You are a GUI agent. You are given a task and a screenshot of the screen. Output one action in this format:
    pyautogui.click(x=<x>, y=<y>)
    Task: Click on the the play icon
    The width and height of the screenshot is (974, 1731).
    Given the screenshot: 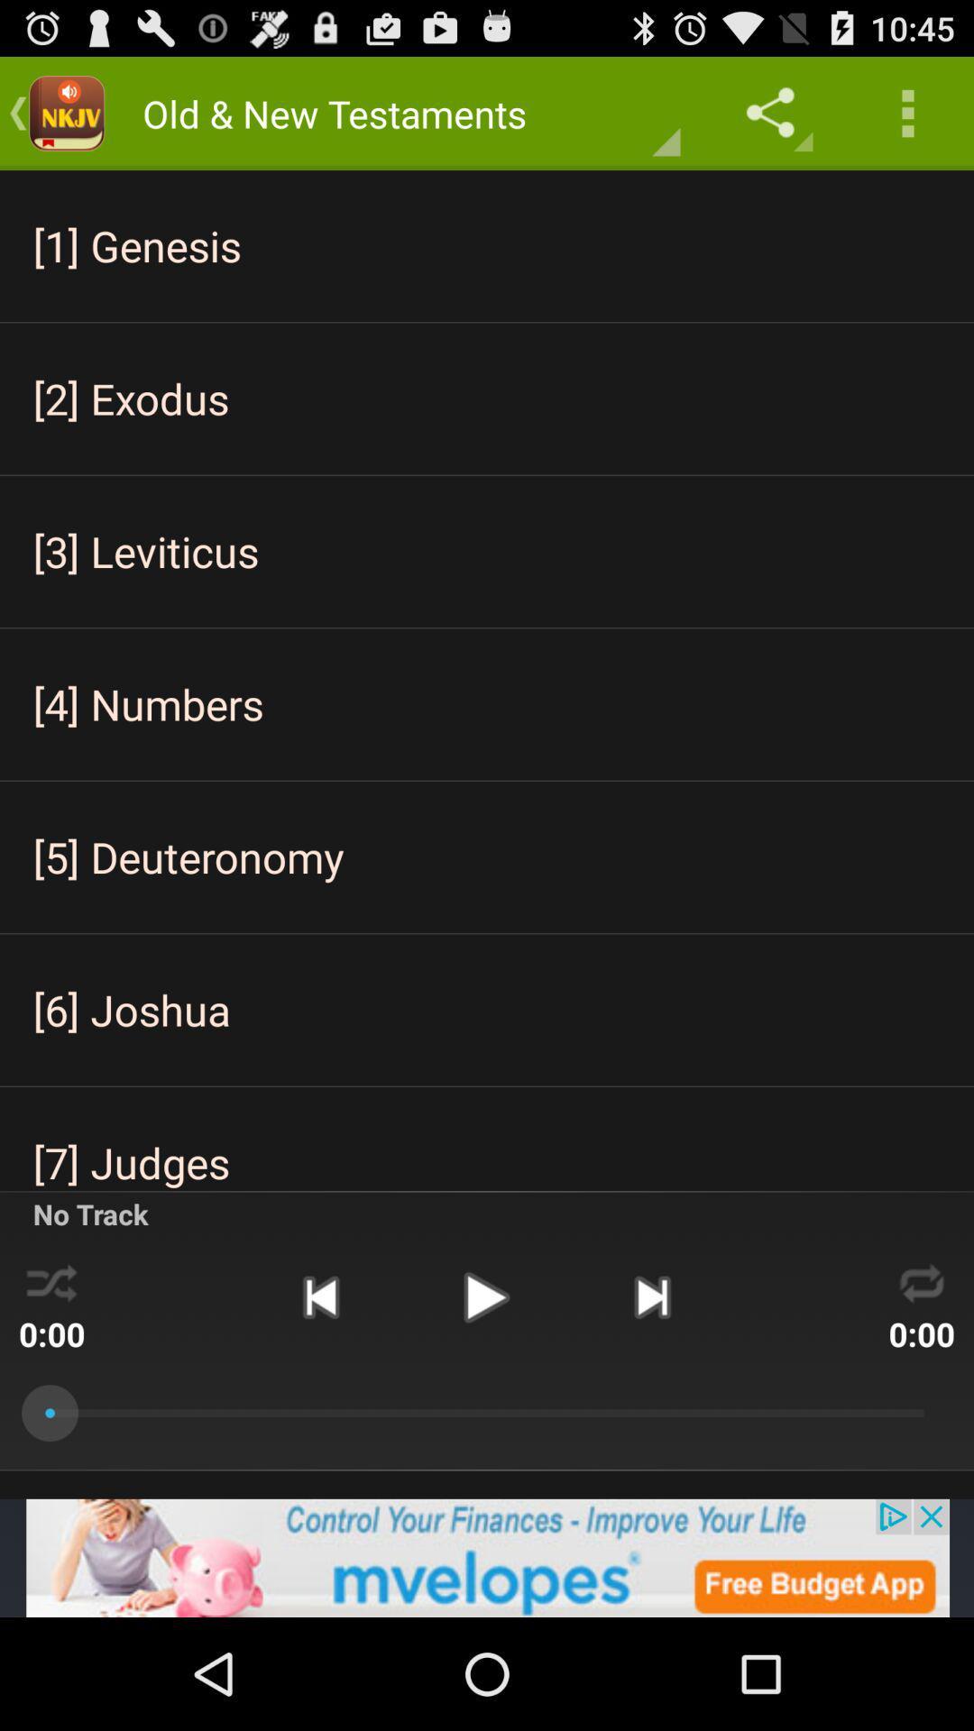 What is the action you would take?
    pyautogui.click(x=485, y=1387)
    